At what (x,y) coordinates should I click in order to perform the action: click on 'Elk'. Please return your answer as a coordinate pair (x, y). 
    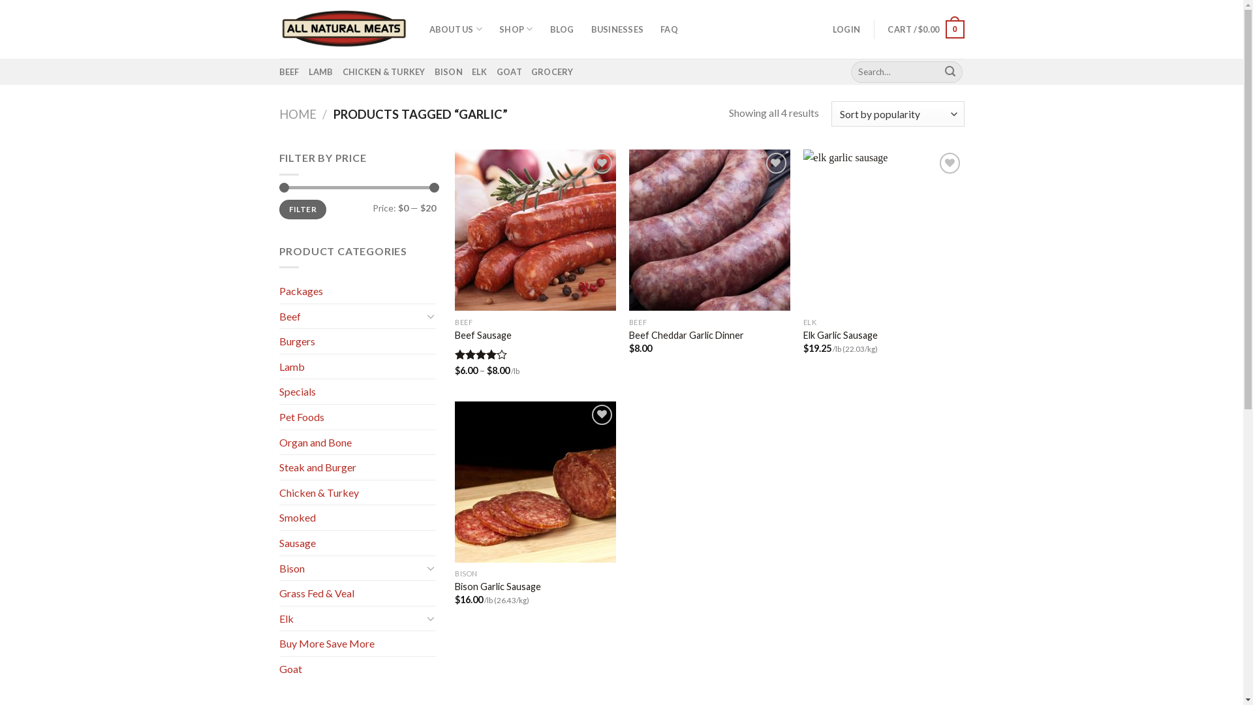
    Looking at the image, I should click on (350, 618).